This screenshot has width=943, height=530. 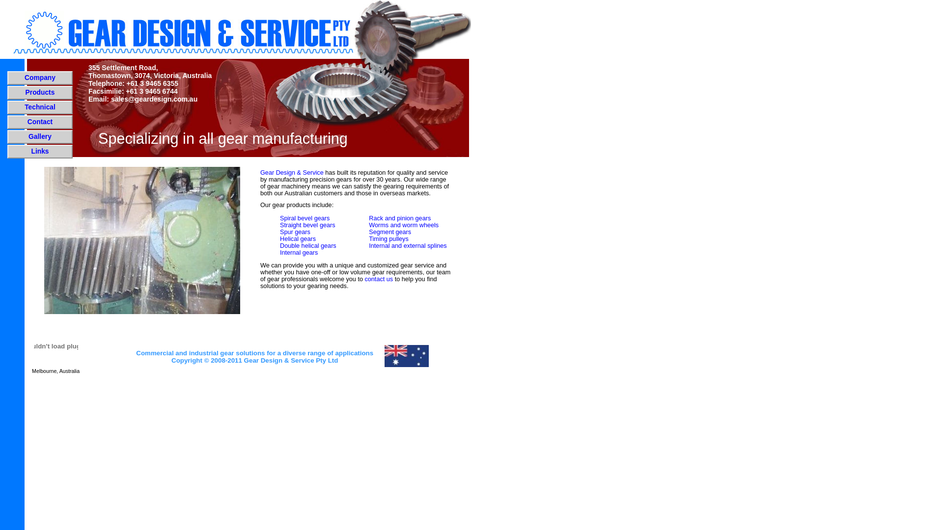 What do you see at coordinates (279, 238) in the screenshot?
I see `'Helical gears'` at bounding box center [279, 238].